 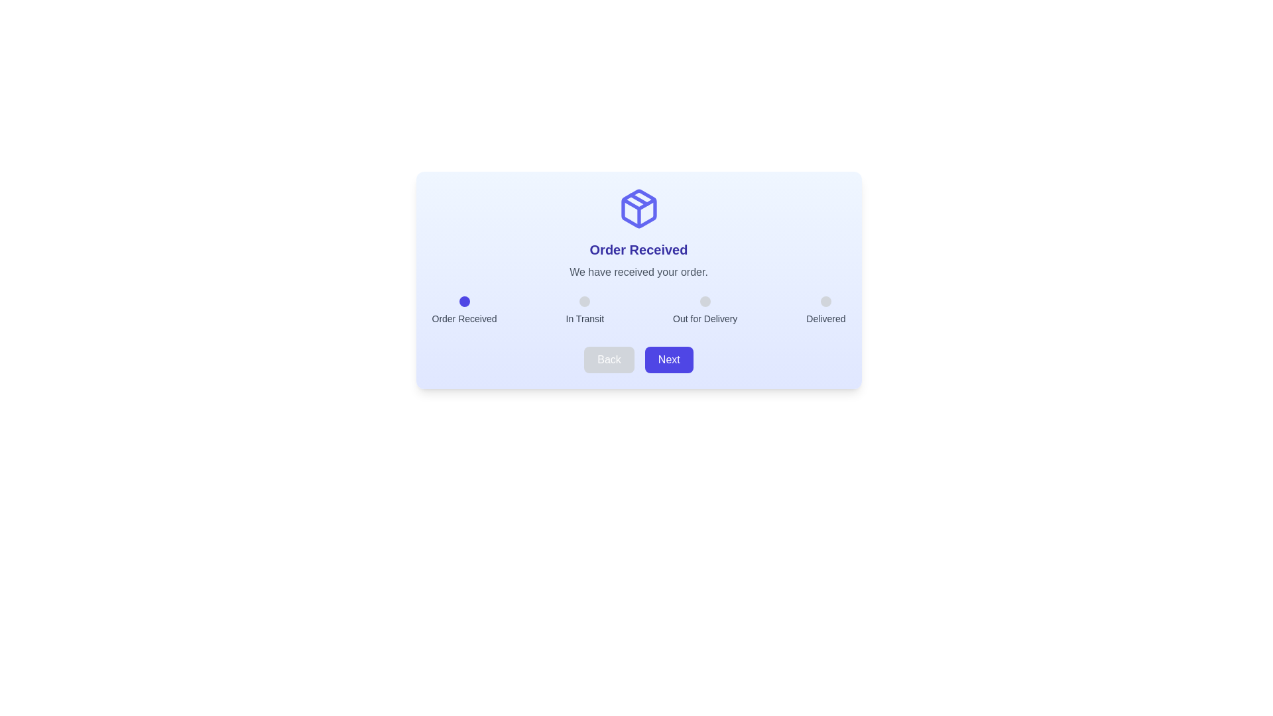 What do you see at coordinates (668, 360) in the screenshot?
I see `the 'Next' button to navigate to the next step` at bounding box center [668, 360].